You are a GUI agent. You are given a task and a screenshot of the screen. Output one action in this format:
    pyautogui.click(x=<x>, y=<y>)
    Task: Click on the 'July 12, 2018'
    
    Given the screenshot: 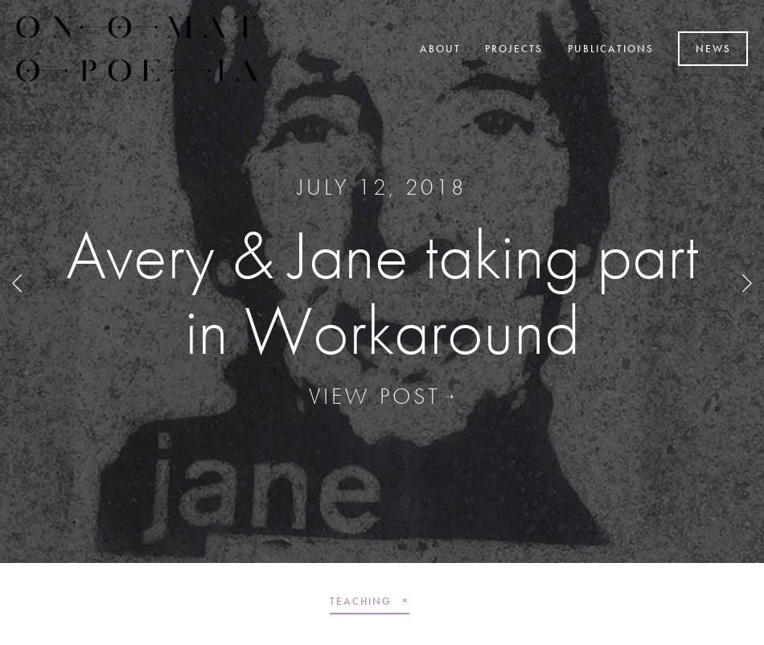 What is the action you would take?
    pyautogui.click(x=382, y=185)
    